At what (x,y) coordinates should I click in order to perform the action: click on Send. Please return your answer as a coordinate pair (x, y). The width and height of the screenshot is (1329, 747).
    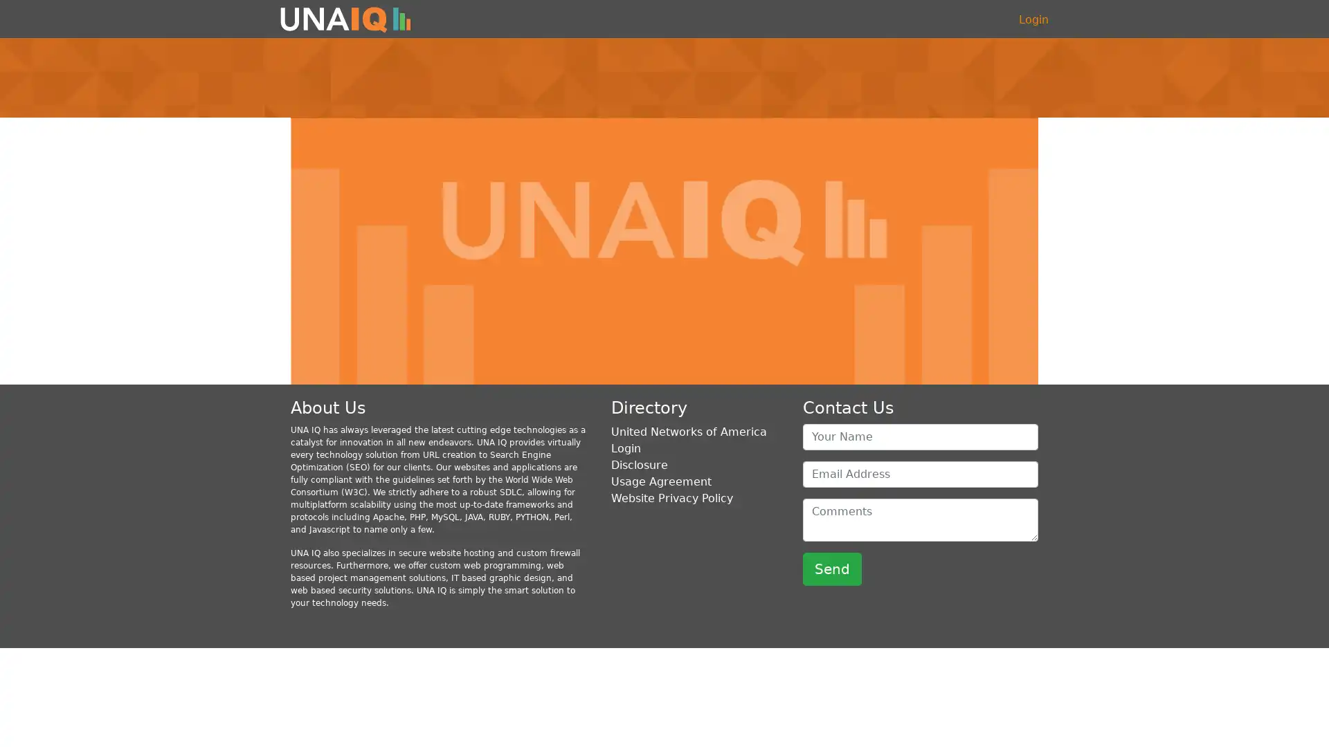
    Looking at the image, I should click on (831, 568).